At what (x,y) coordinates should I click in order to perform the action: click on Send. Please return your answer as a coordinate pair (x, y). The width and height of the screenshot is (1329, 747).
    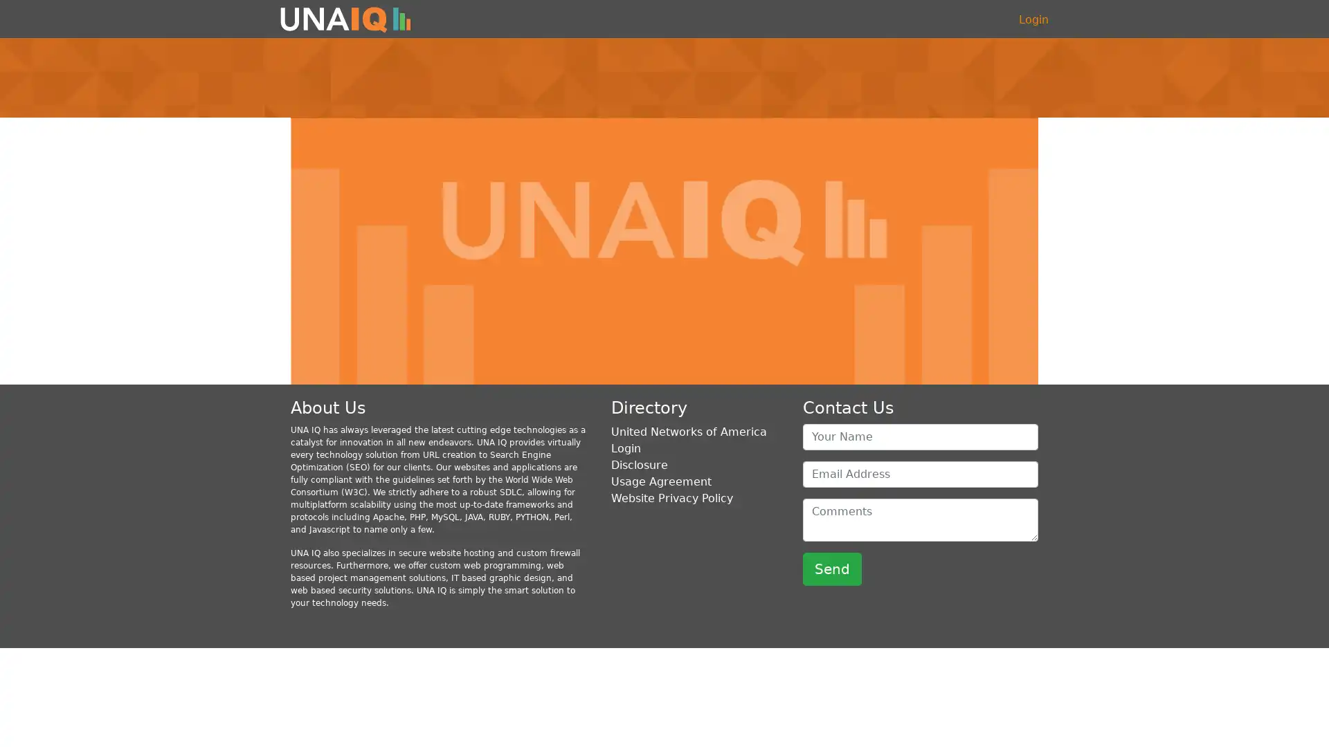
    Looking at the image, I should click on (831, 568).